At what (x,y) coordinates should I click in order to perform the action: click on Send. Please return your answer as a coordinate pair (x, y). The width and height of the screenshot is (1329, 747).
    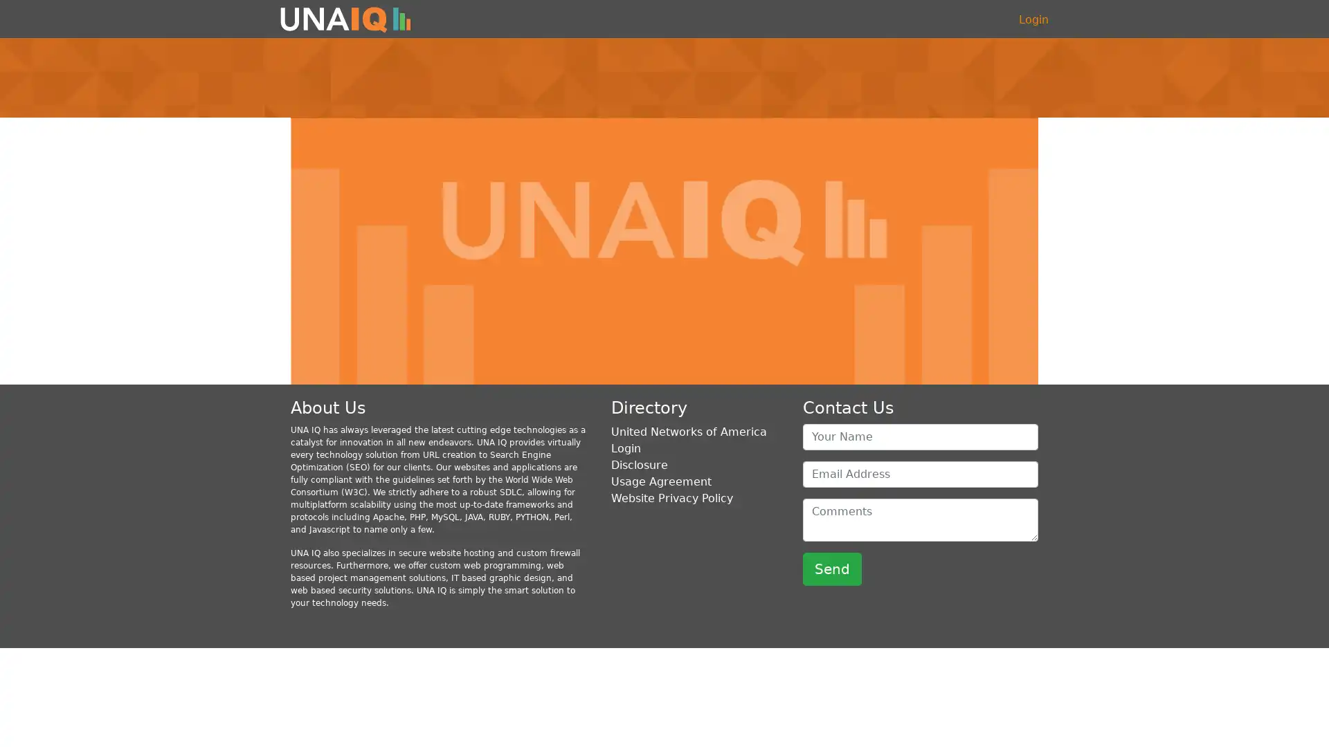
    Looking at the image, I should click on (831, 568).